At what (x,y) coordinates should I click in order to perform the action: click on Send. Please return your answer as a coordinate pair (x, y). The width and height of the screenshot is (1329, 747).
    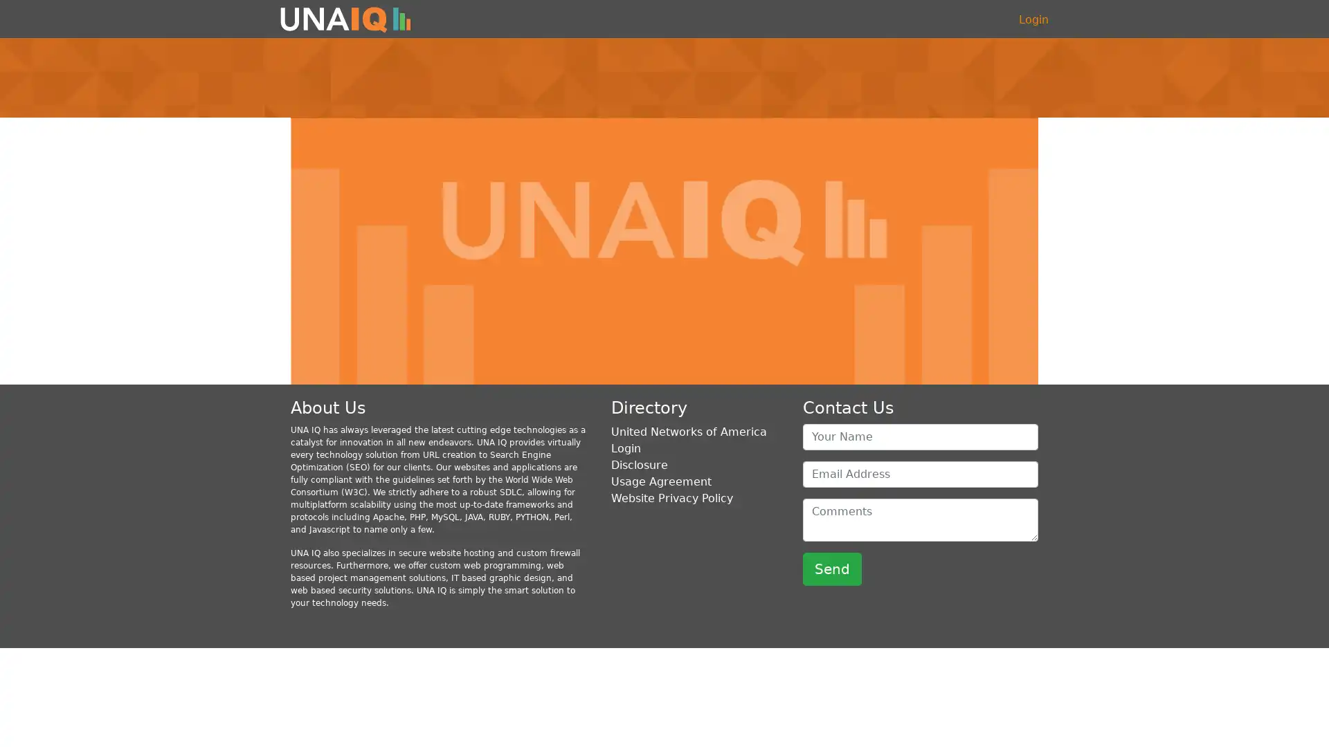
    Looking at the image, I should click on (831, 568).